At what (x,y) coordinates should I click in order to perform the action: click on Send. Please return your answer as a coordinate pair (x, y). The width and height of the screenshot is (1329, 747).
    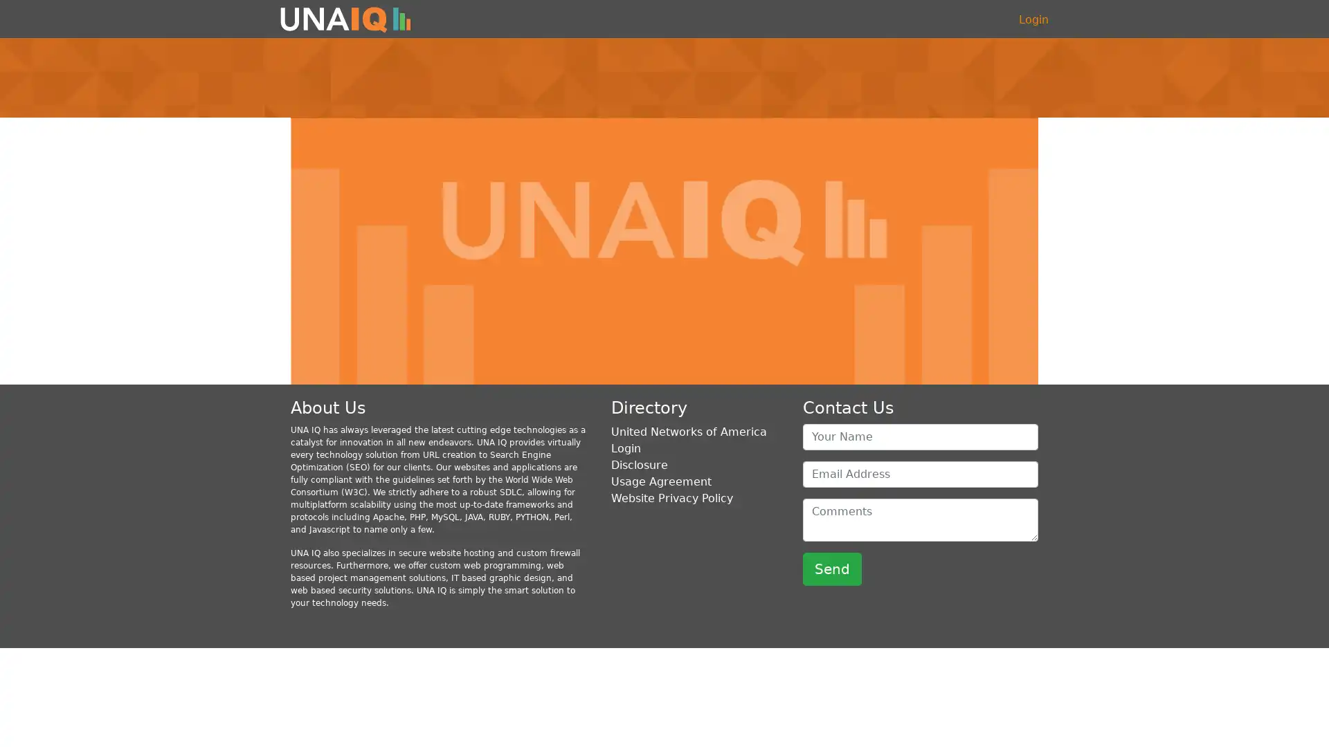
    Looking at the image, I should click on (831, 568).